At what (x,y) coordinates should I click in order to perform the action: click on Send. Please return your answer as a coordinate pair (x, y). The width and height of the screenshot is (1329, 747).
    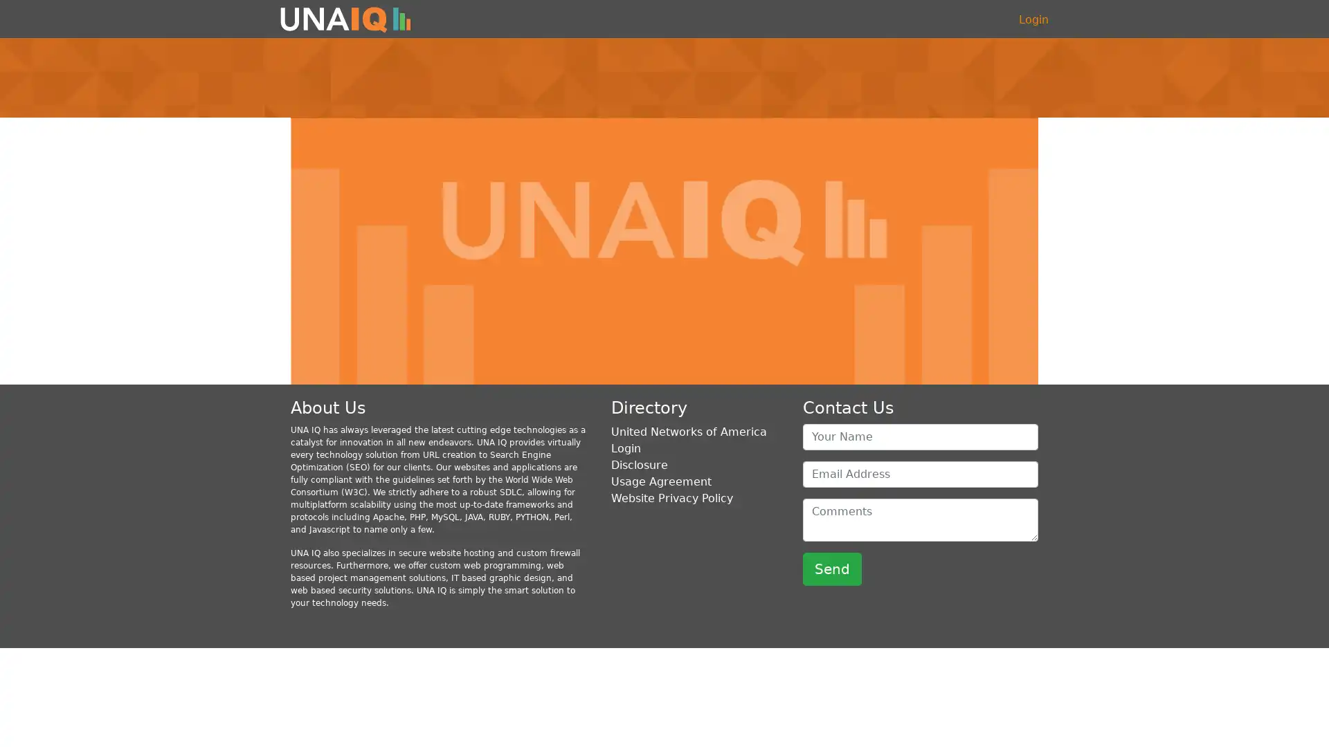
    Looking at the image, I should click on (831, 568).